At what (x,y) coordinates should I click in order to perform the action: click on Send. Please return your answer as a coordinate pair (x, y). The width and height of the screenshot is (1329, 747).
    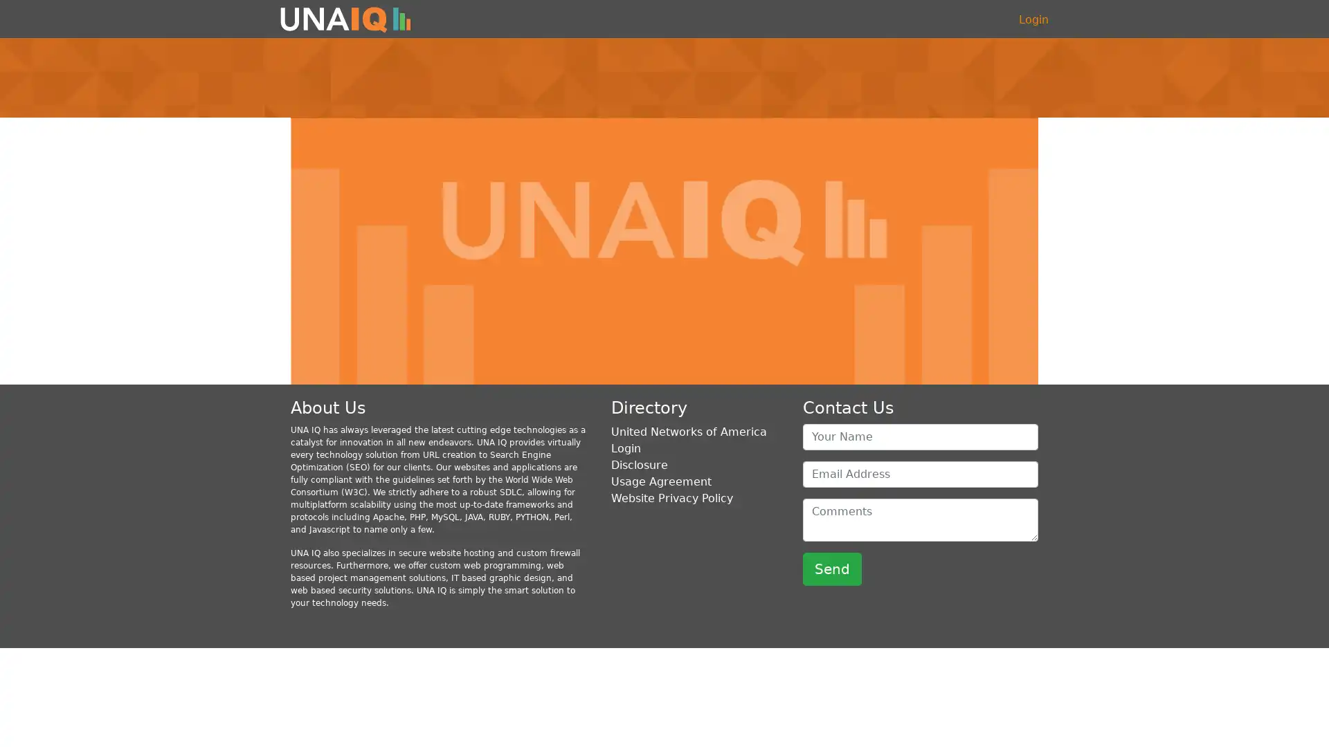
    Looking at the image, I should click on (831, 568).